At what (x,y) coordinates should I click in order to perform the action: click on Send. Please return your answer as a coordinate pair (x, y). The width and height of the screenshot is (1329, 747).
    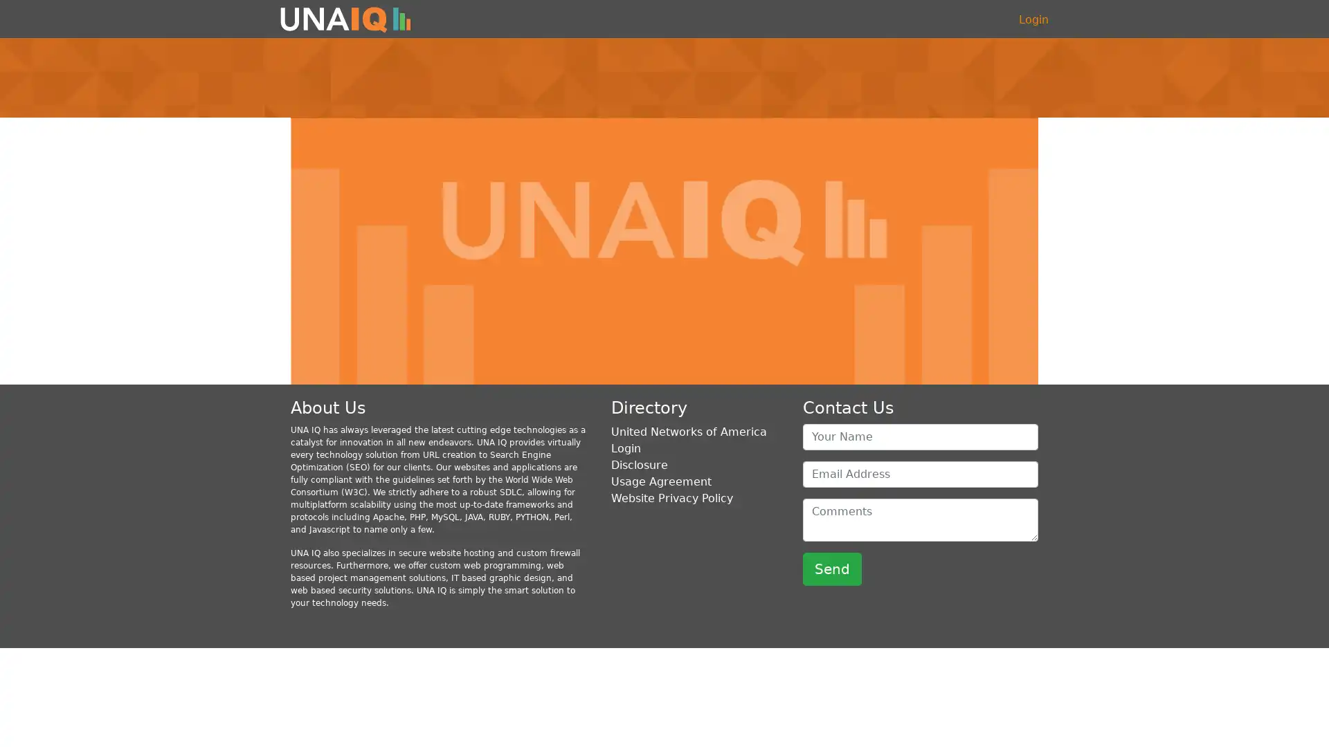
    Looking at the image, I should click on (831, 568).